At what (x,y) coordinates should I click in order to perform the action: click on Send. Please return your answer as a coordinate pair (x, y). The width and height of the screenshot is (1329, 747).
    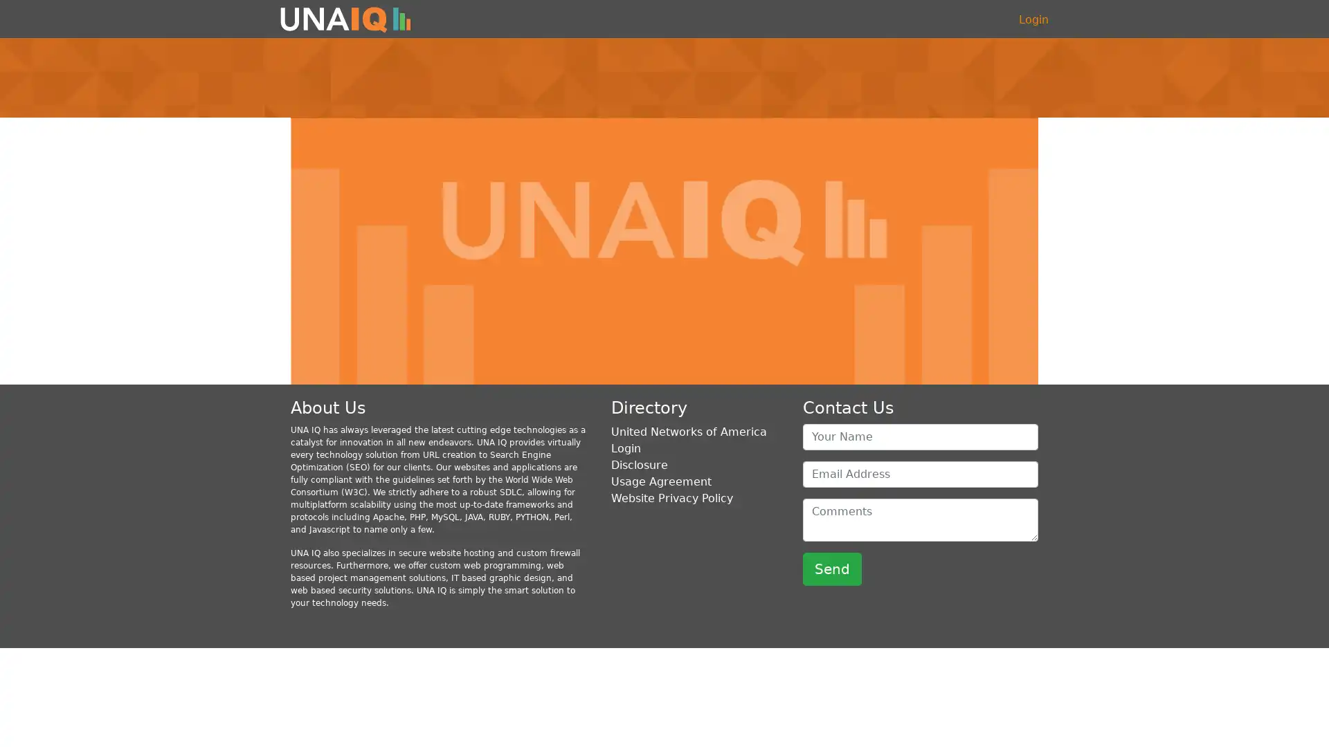
    Looking at the image, I should click on (831, 568).